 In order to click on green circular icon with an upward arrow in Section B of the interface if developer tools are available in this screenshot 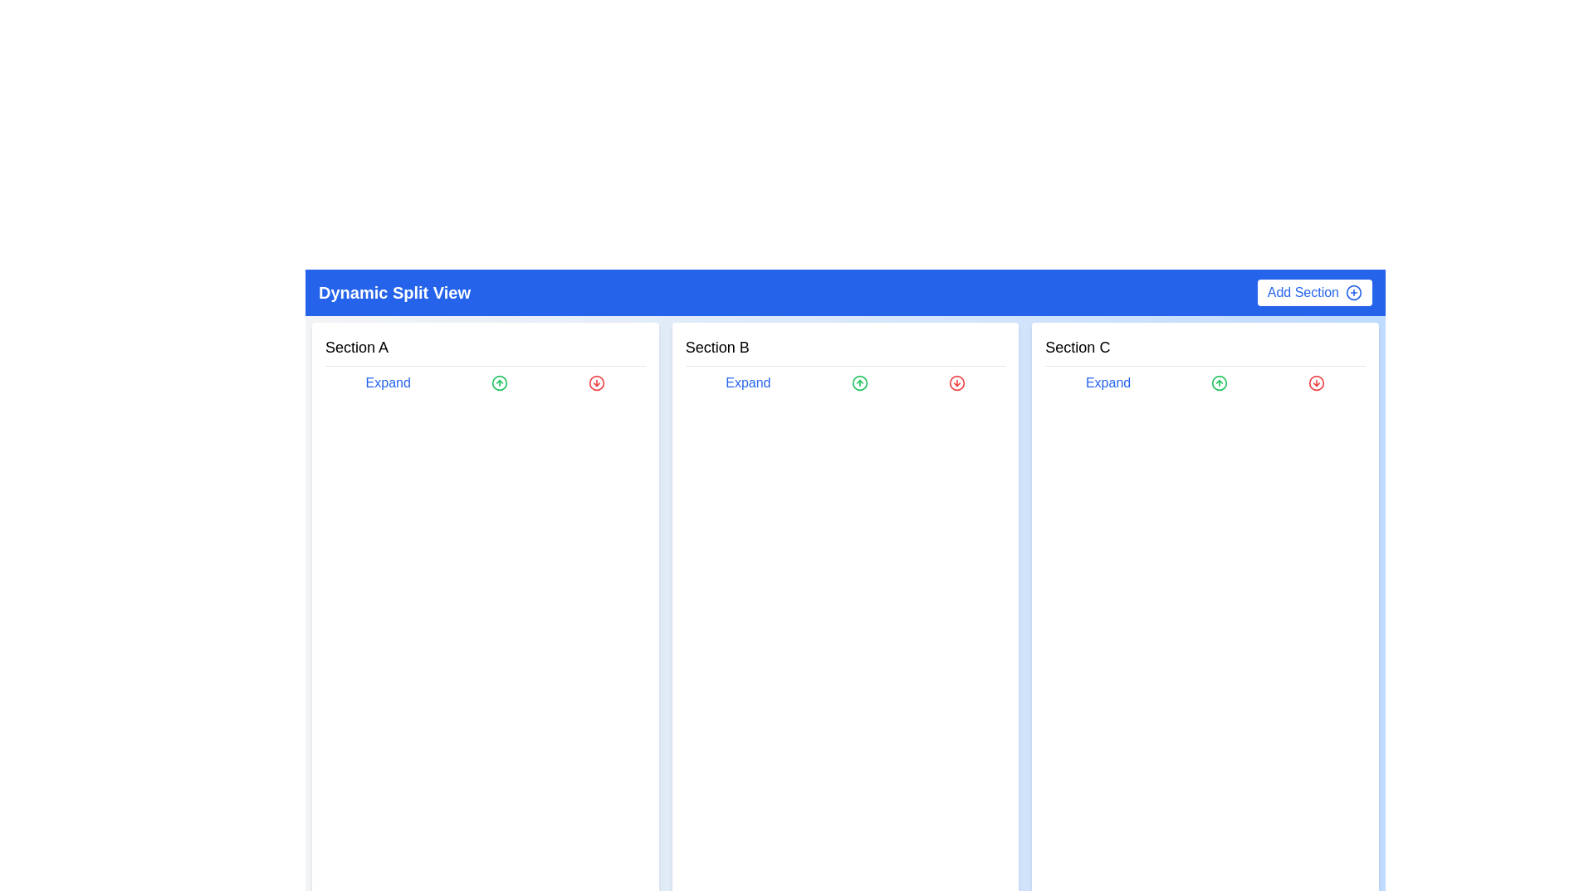, I will do `click(859, 383)`.